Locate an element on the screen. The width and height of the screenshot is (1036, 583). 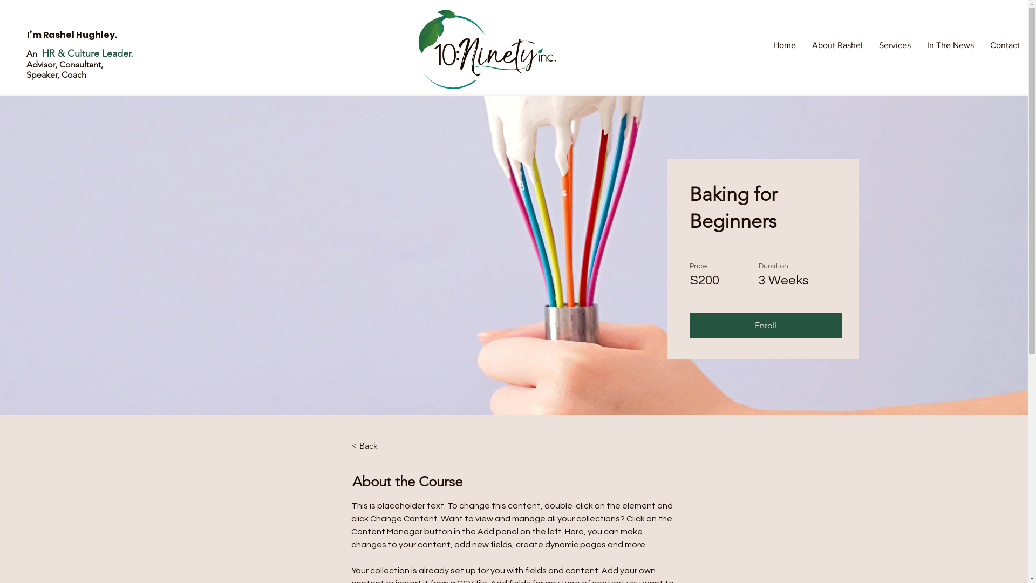
'Contact' is located at coordinates (1004, 45).